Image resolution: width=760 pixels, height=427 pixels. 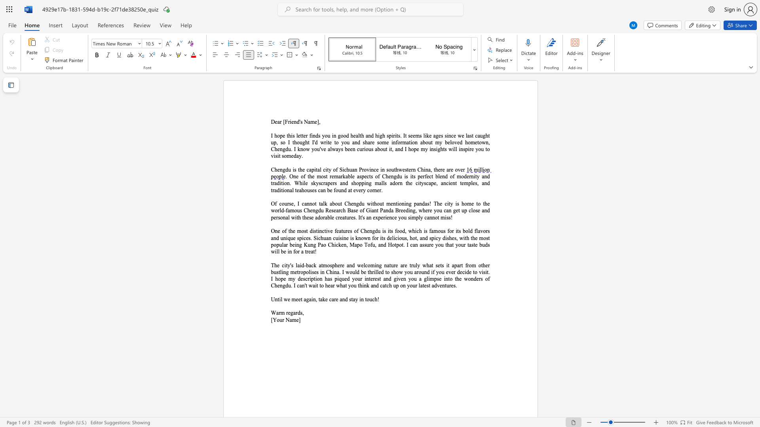 What do you see at coordinates (277, 299) in the screenshot?
I see `the subset text "til we meet again, tak" within the text "Until we meet again, take"` at bounding box center [277, 299].